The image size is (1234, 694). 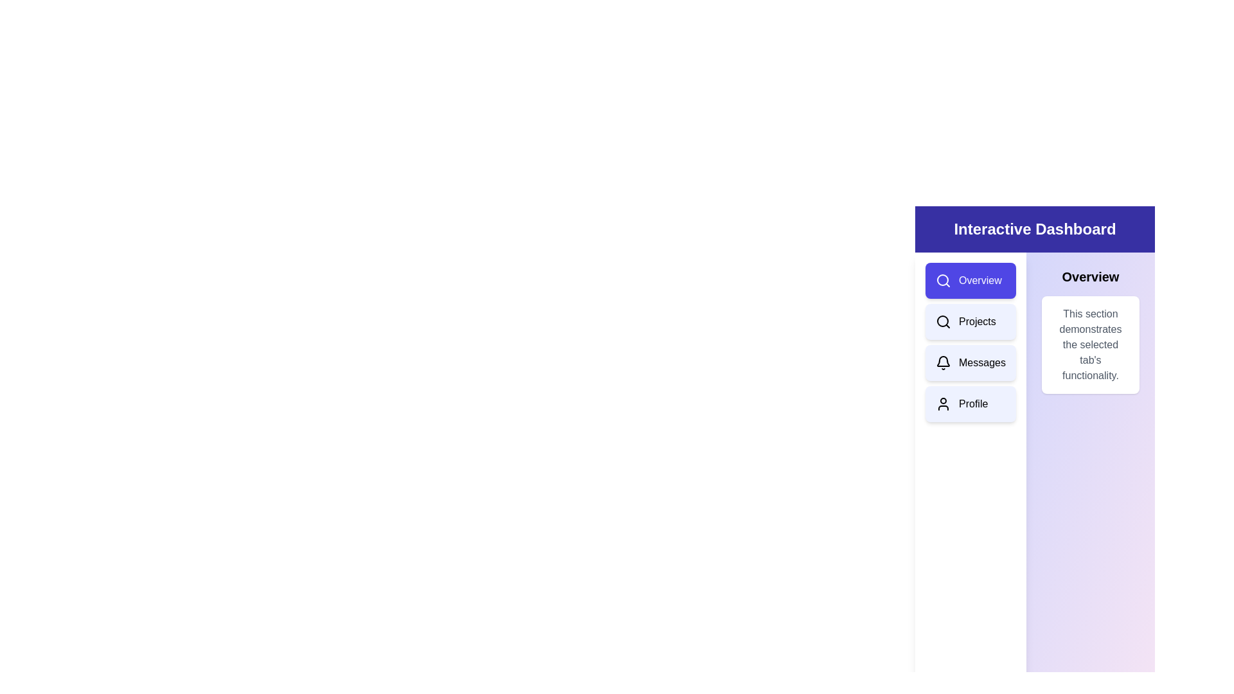 I want to click on the 'Overview' text label located in the vertical navigation menu by, so click(x=979, y=280).